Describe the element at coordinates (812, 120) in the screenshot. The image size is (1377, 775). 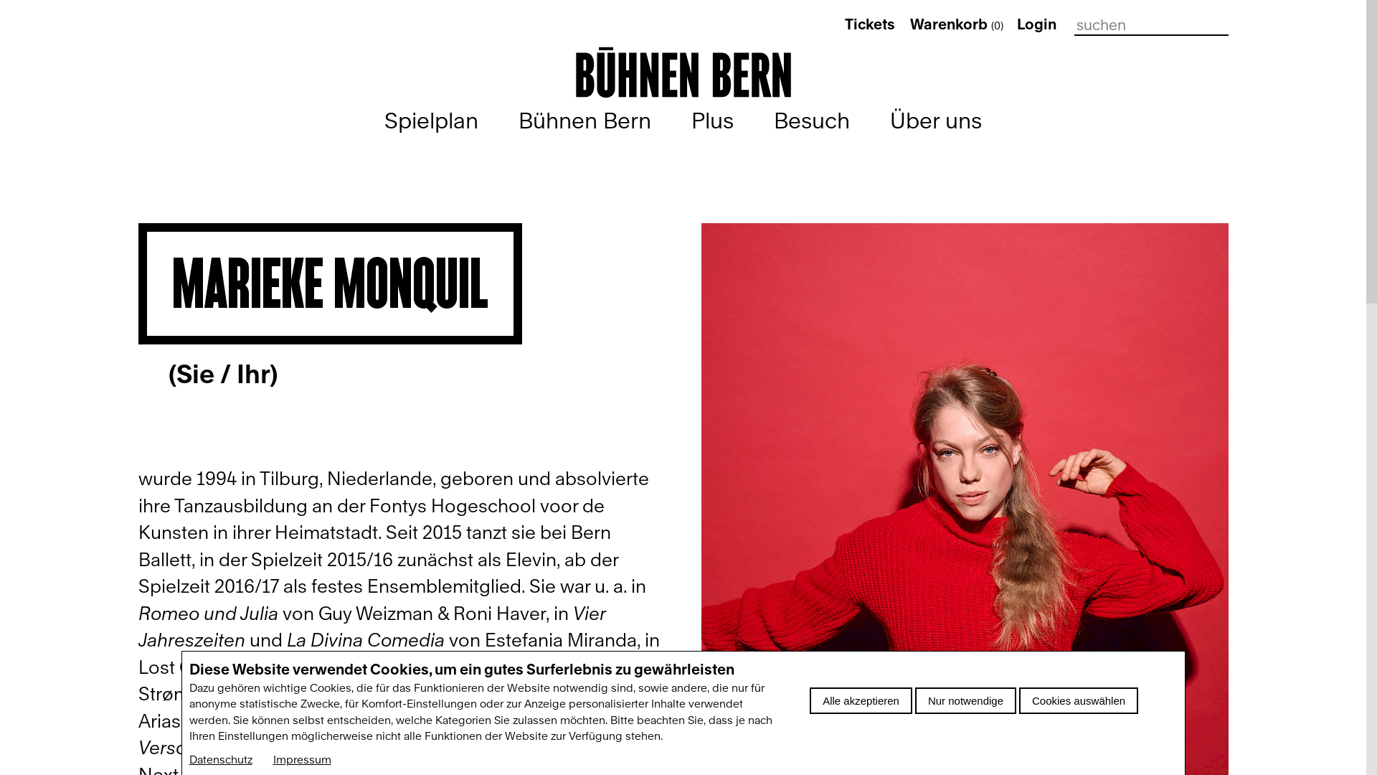
I see `'Besuch'` at that location.